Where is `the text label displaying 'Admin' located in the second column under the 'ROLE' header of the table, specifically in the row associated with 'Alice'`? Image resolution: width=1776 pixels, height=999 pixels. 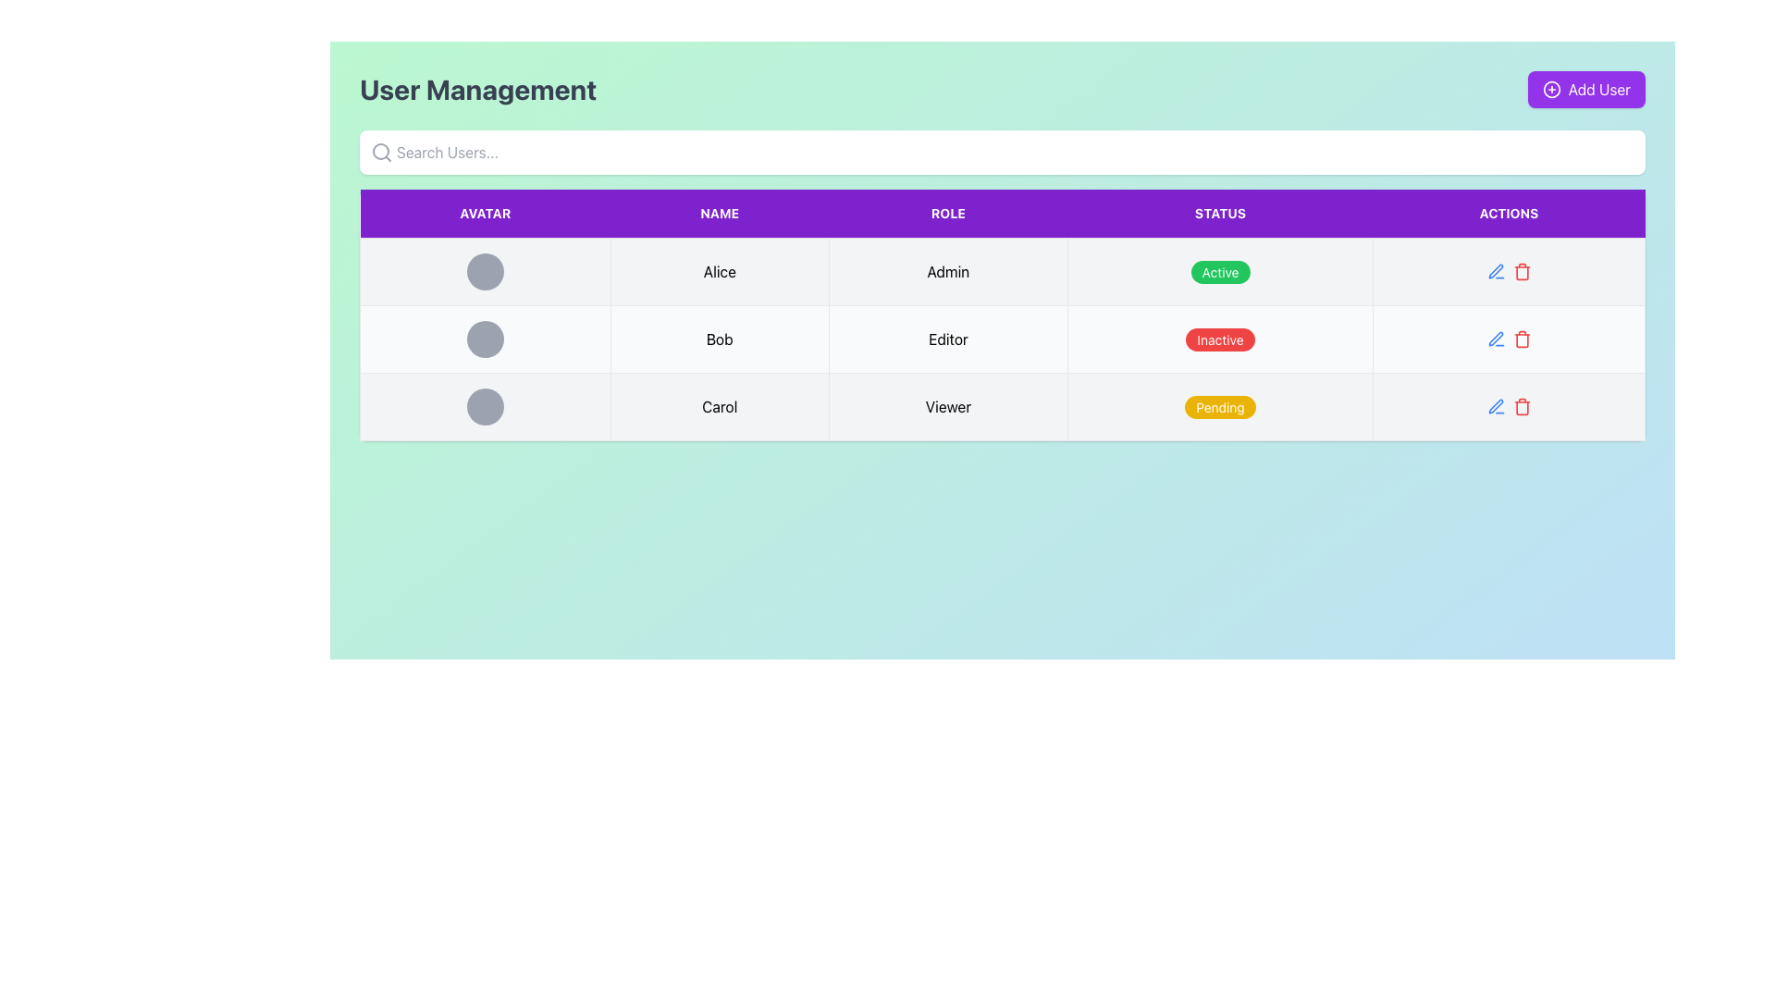 the text label displaying 'Admin' located in the second column under the 'ROLE' header of the table, specifically in the row associated with 'Alice' is located at coordinates (948, 271).